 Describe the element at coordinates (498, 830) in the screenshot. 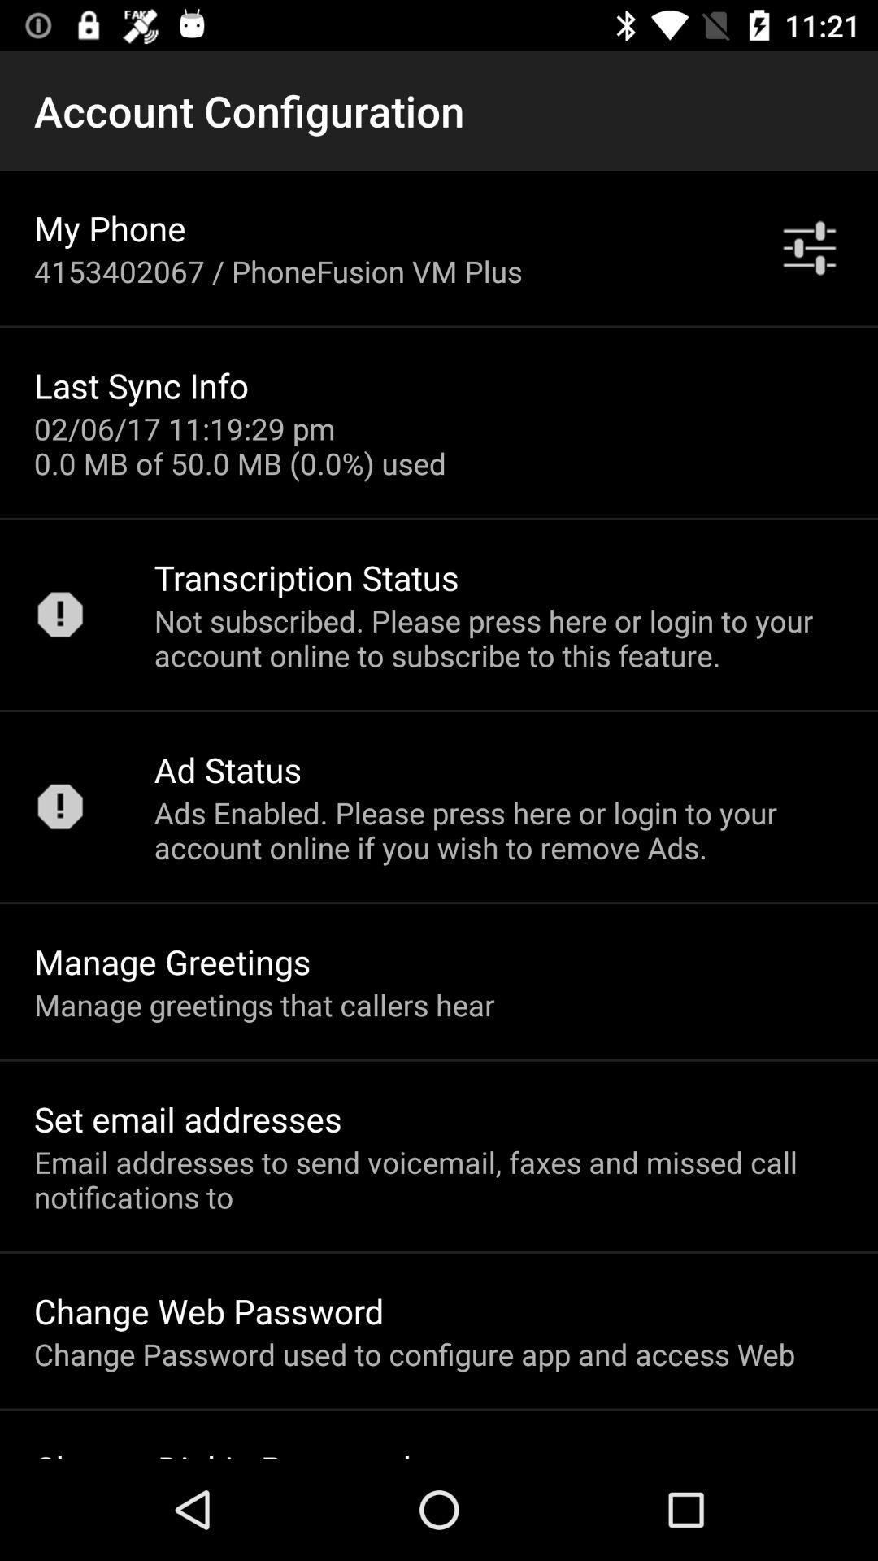

I see `the app below ad status app` at that location.